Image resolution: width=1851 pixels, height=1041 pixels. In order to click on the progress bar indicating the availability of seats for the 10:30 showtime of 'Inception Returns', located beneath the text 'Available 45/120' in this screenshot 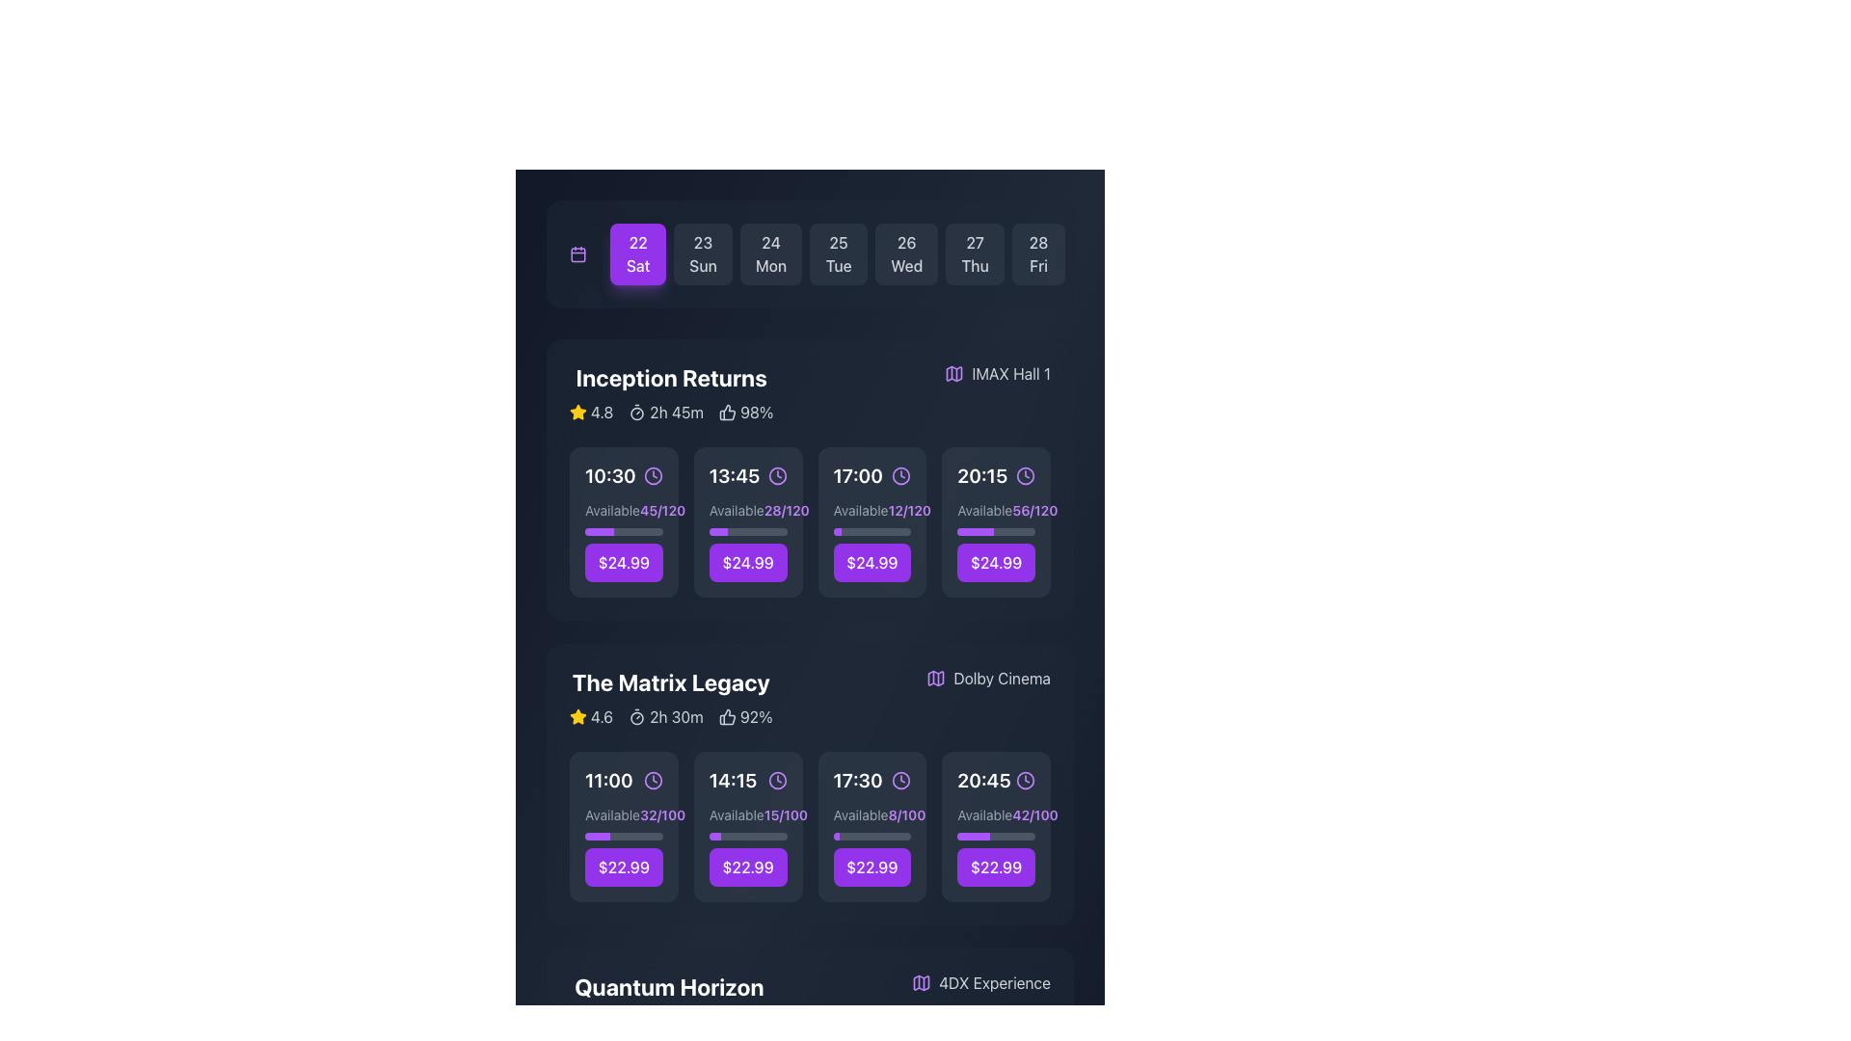, I will do `click(624, 531)`.